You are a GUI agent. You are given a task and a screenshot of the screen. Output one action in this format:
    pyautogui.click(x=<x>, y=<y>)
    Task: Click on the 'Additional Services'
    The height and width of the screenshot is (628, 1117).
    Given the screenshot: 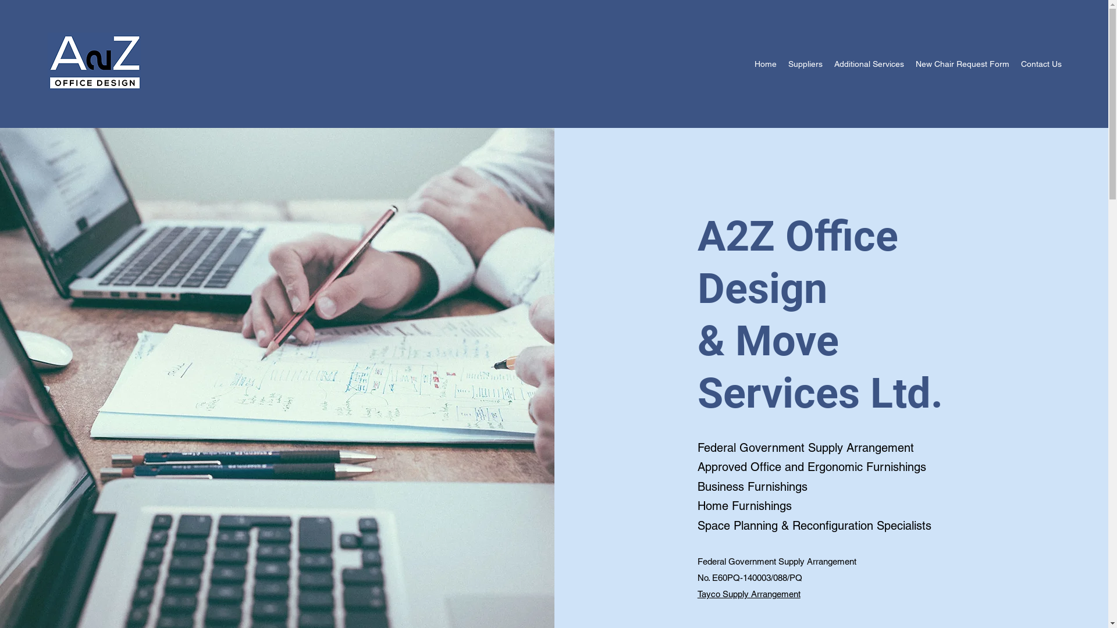 What is the action you would take?
    pyautogui.click(x=869, y=64)
    